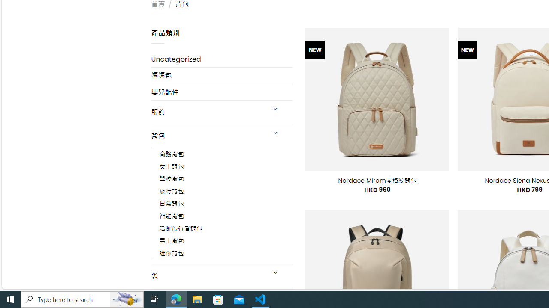 The height and width of the screenshot is (308, 549). What do you see at coordinates (222, 59) in the screenshot?
I see `'Uncategorized'` at bounding box center [222, 59].